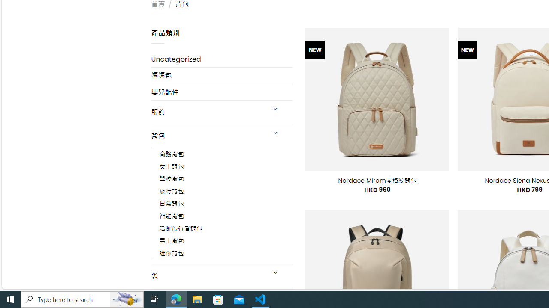 The height and width of the screenshot is (308, 549). What do you see at coordinates (222, 59) in the screenshot?
I see `'Uncategorized'` at bounding box center [222, 59].